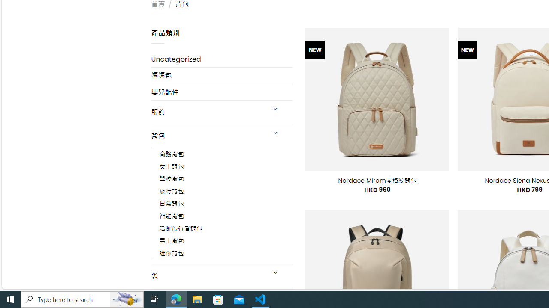 The height and width of the screenshot is (308, 549). What do you see at coordinates (222, 59) in the screenshot?
I see `'Uncategorized'` at bounding box center [222, 59].